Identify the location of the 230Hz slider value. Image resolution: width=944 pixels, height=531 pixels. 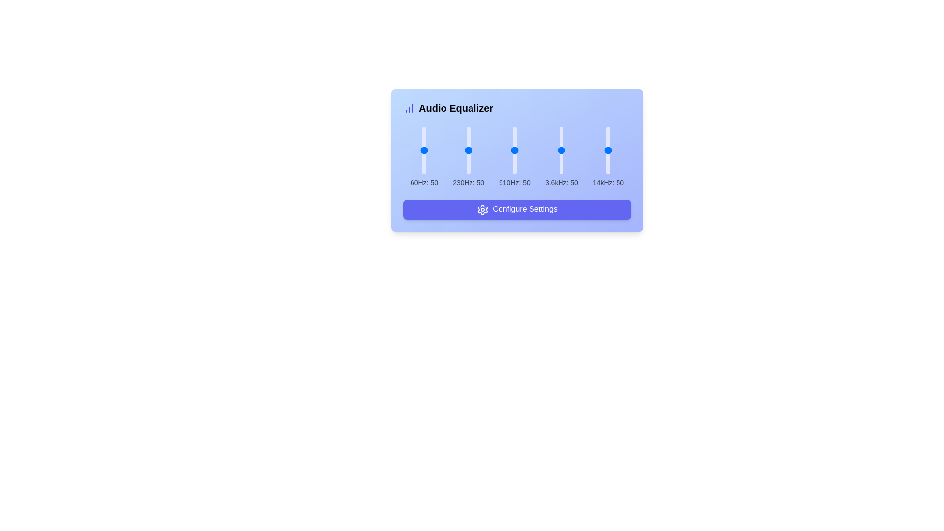
(468, 172).